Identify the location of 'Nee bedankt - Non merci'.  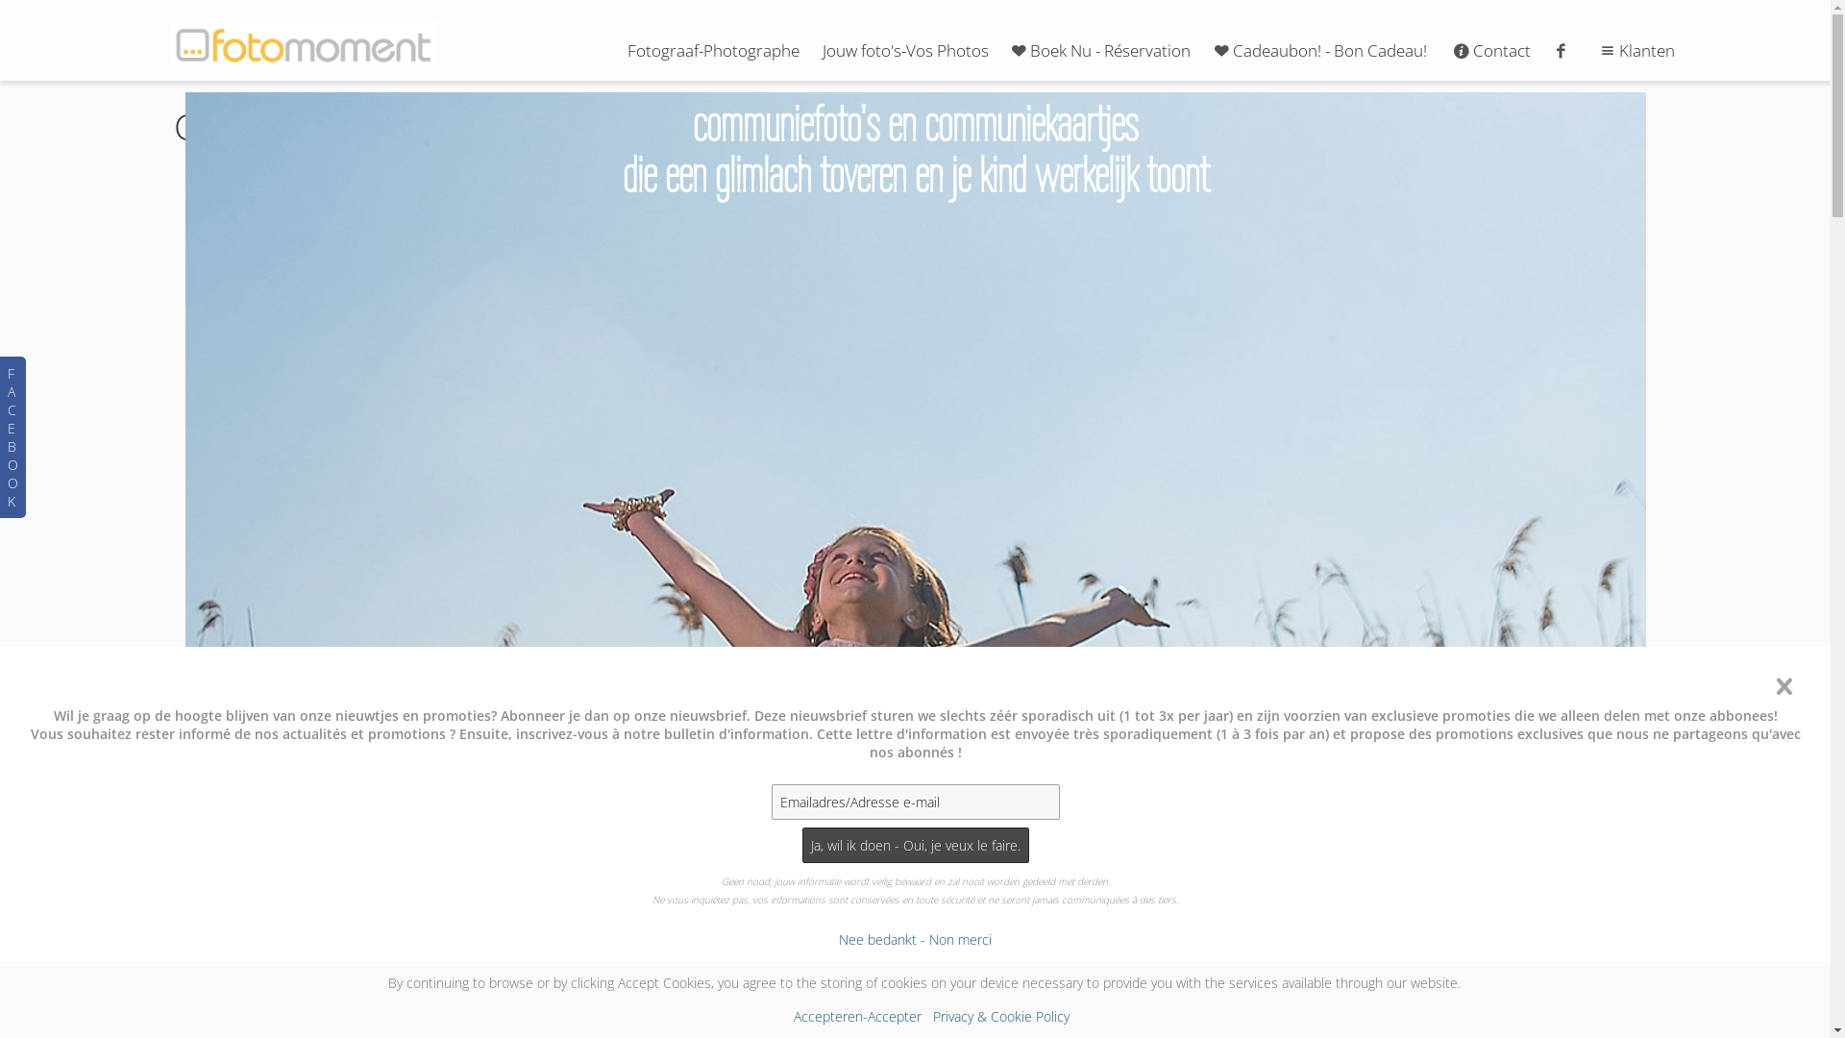
(914, 938).